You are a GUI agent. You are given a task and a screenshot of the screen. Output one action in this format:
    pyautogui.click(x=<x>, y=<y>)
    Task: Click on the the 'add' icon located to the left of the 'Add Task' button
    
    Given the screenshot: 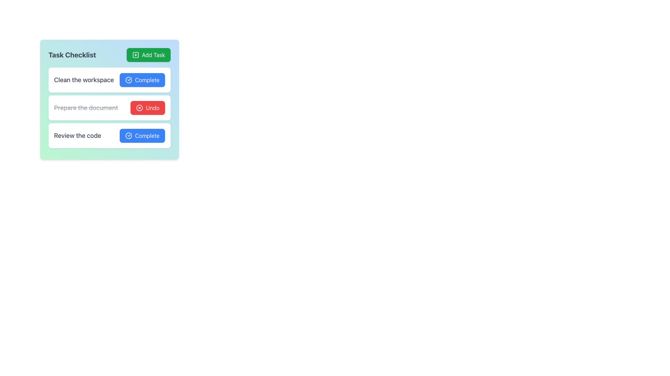 What is the action you would take?
    pyautogui.click(x=135, y=55)
    